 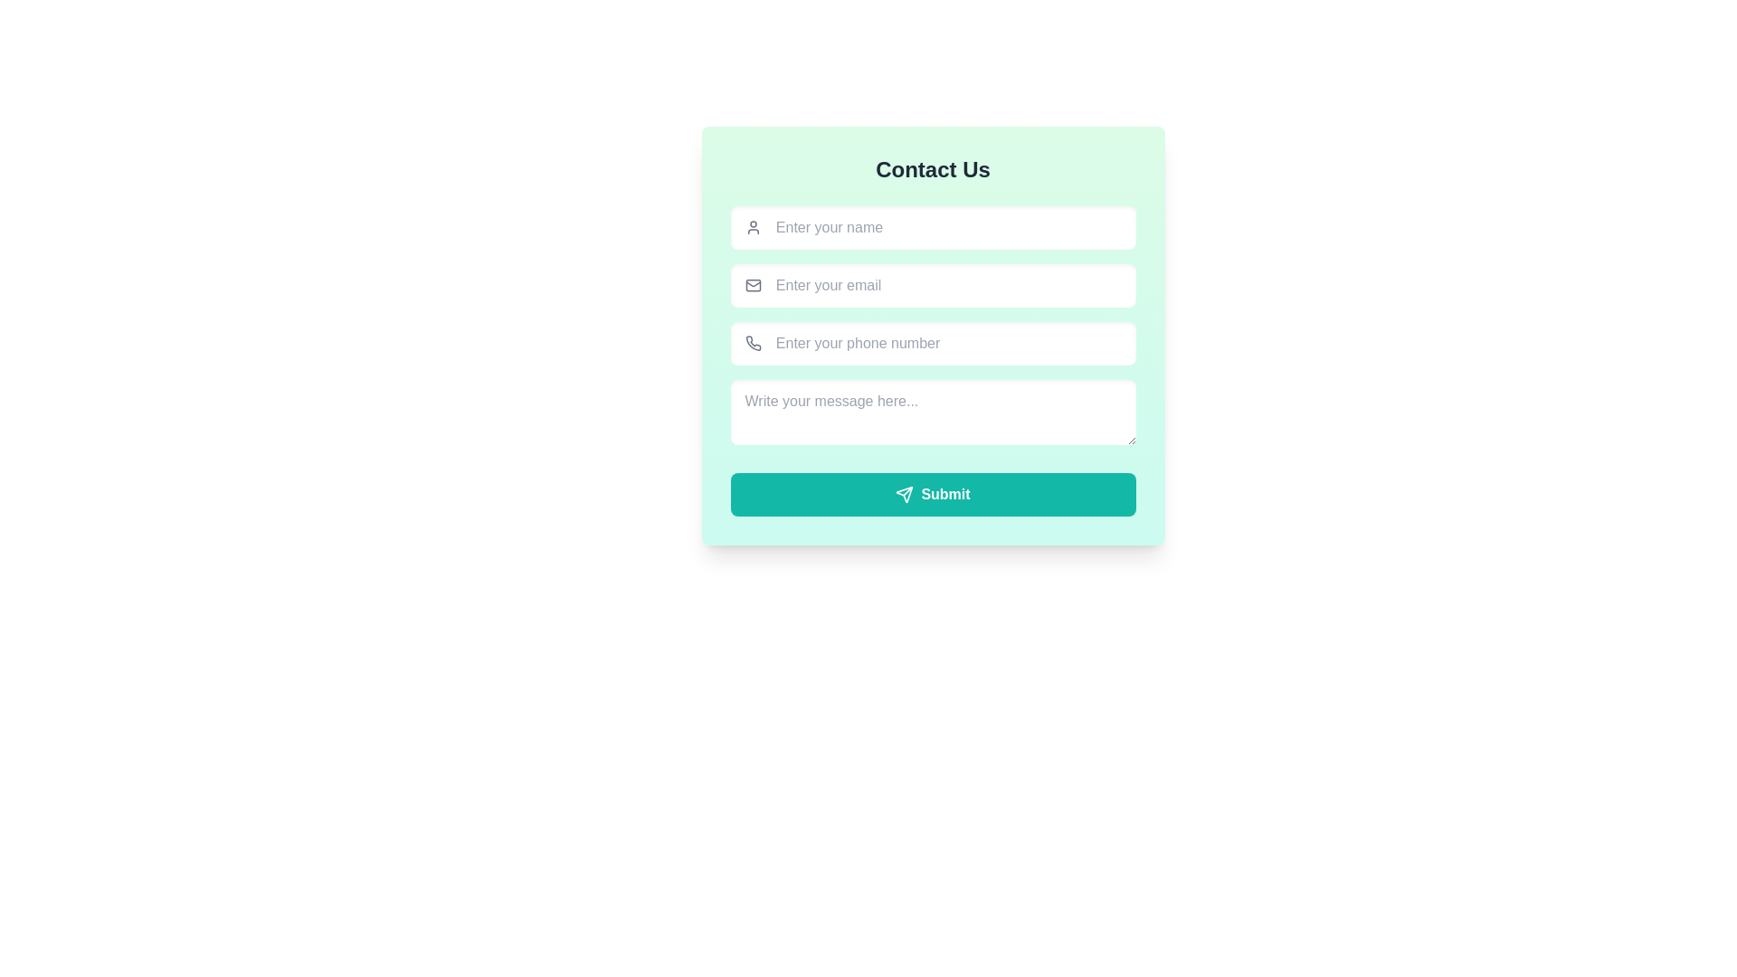 I want to click on the phone number input icon, which is located to the left of the placeholder text 'Enter your phone number', so click(x=753, y=344).